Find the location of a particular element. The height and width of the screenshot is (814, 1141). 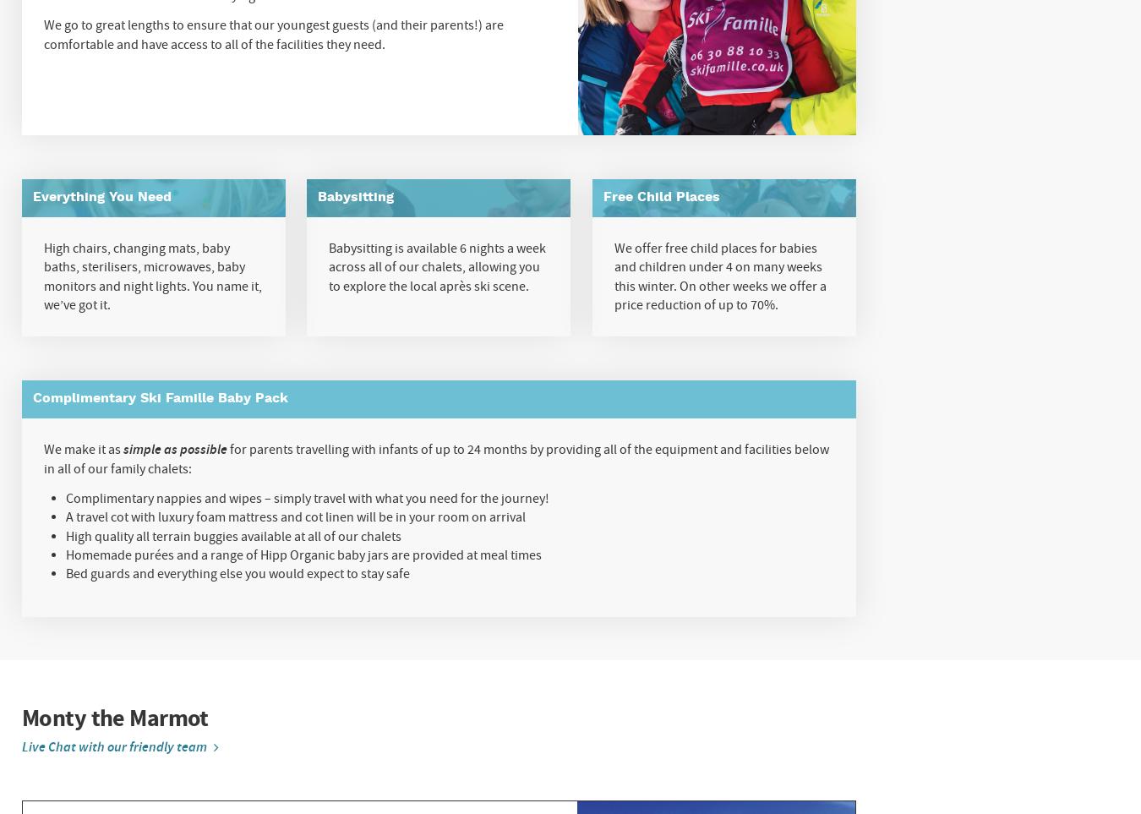

'Complimentary Ski Famille Baby Pack' is located at coordinates (160, 397).